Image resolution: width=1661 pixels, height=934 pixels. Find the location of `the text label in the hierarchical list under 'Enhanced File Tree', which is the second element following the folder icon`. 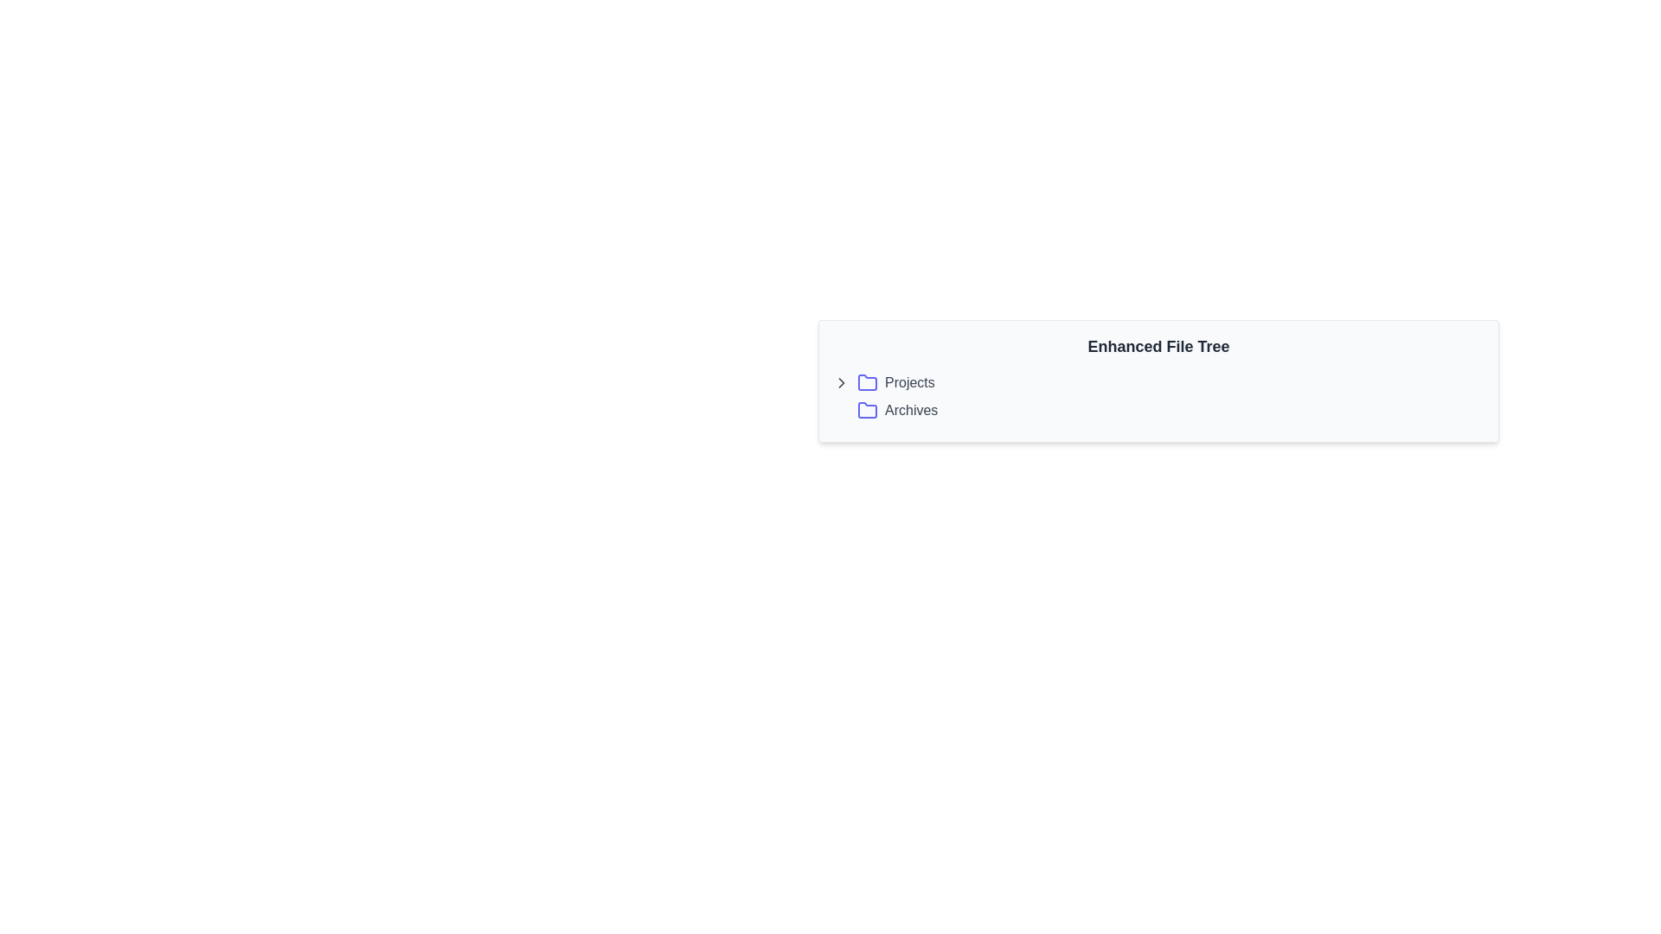

the text label in the hierarchical list under 'Enhanced File Tree', which is the second element following the folder icon is located at coordinates (908, 382).